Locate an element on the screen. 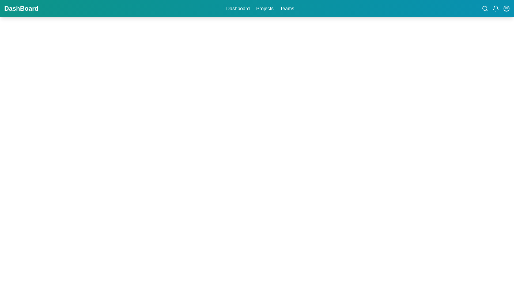 The image size is (514, 289). the bell icon located in the top-right corner of the navigation bar is located at coordinates (496, 8).